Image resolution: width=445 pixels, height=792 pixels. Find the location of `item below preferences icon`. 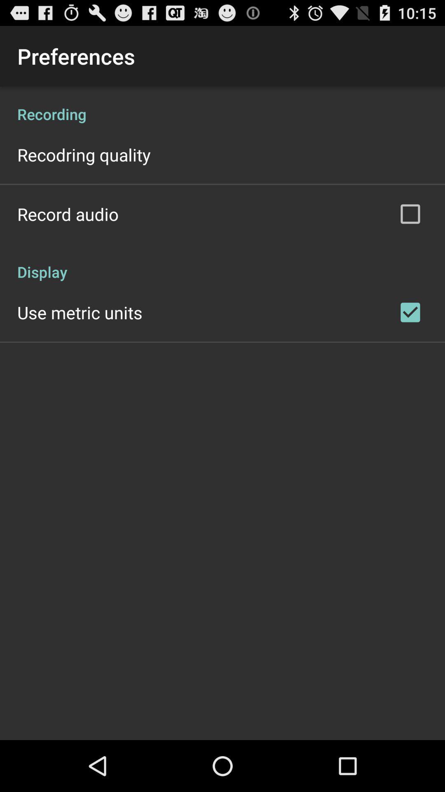

item below preferences icon is located at coordinates (222, 105).